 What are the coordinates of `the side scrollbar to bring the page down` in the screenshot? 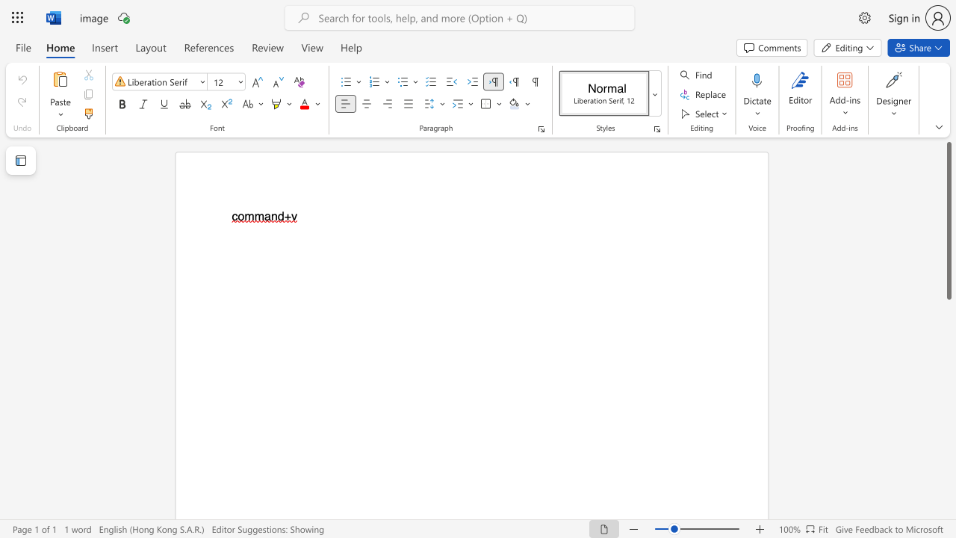 It's located at (948, 380).